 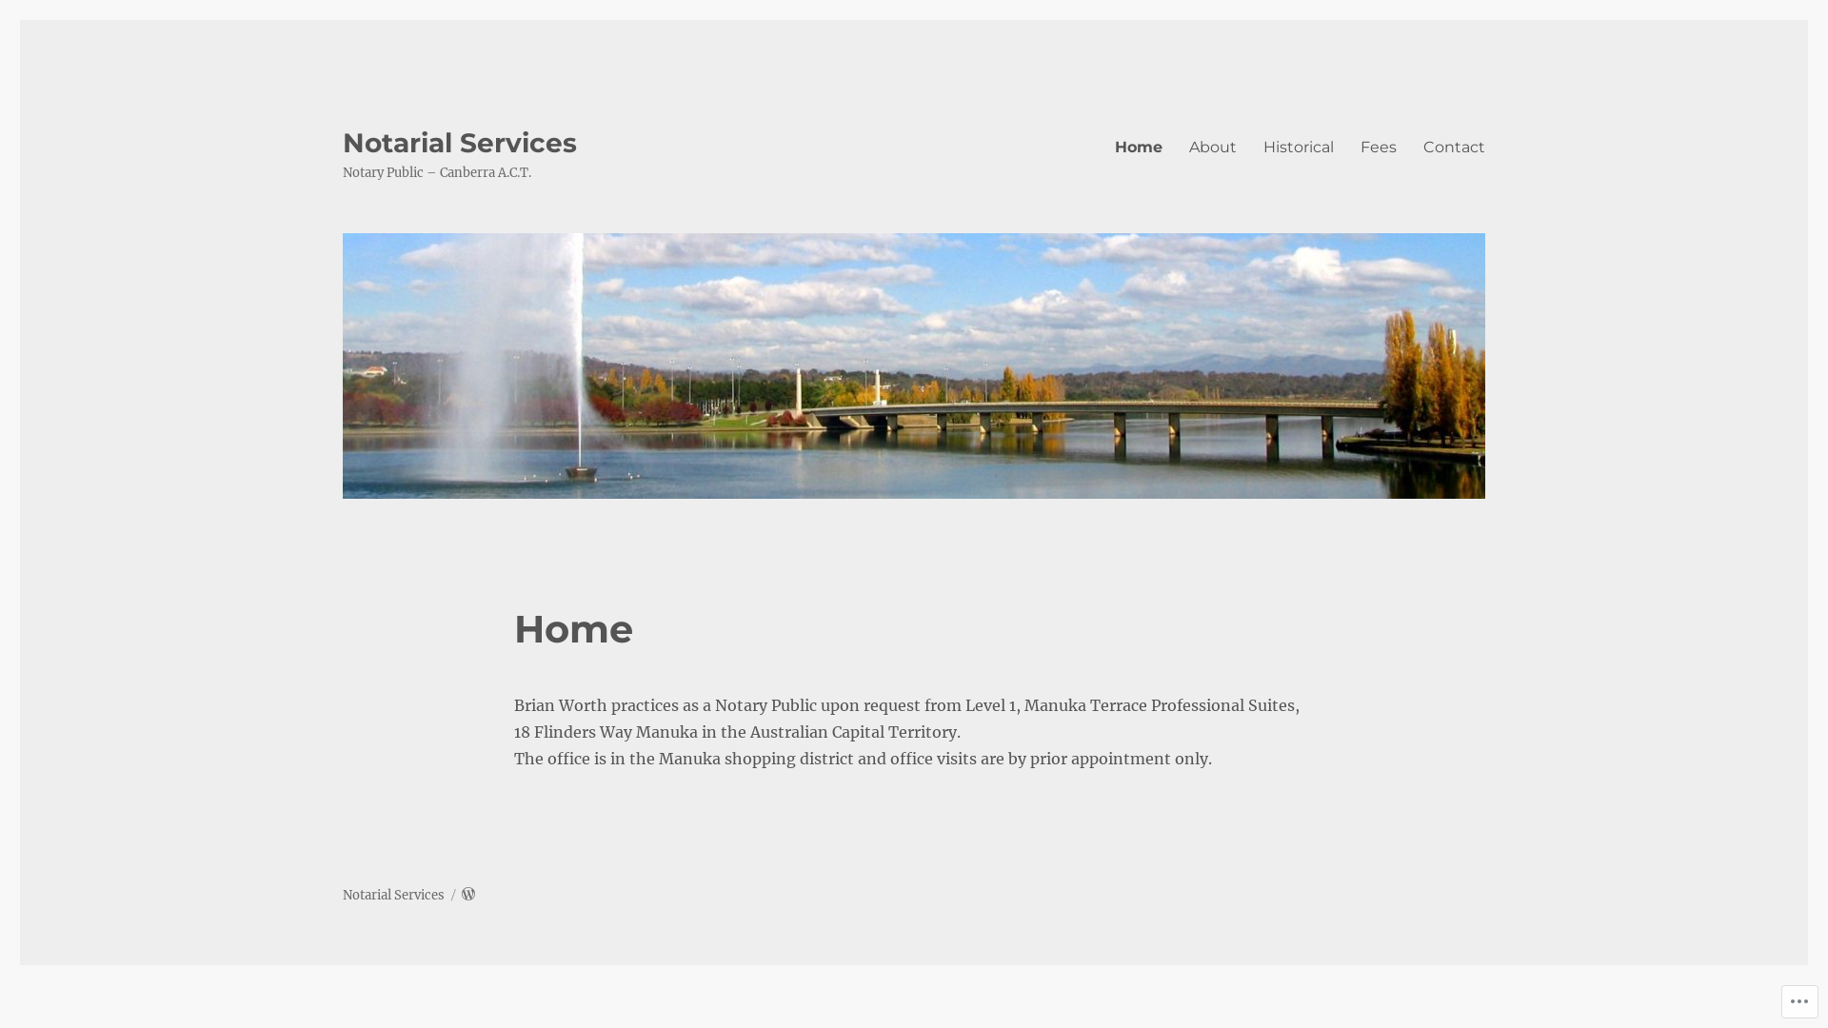 What do you see at coordinates (1138, 146) in the screenshot?
I see `'Home'` at bounding box center [1138, 146].